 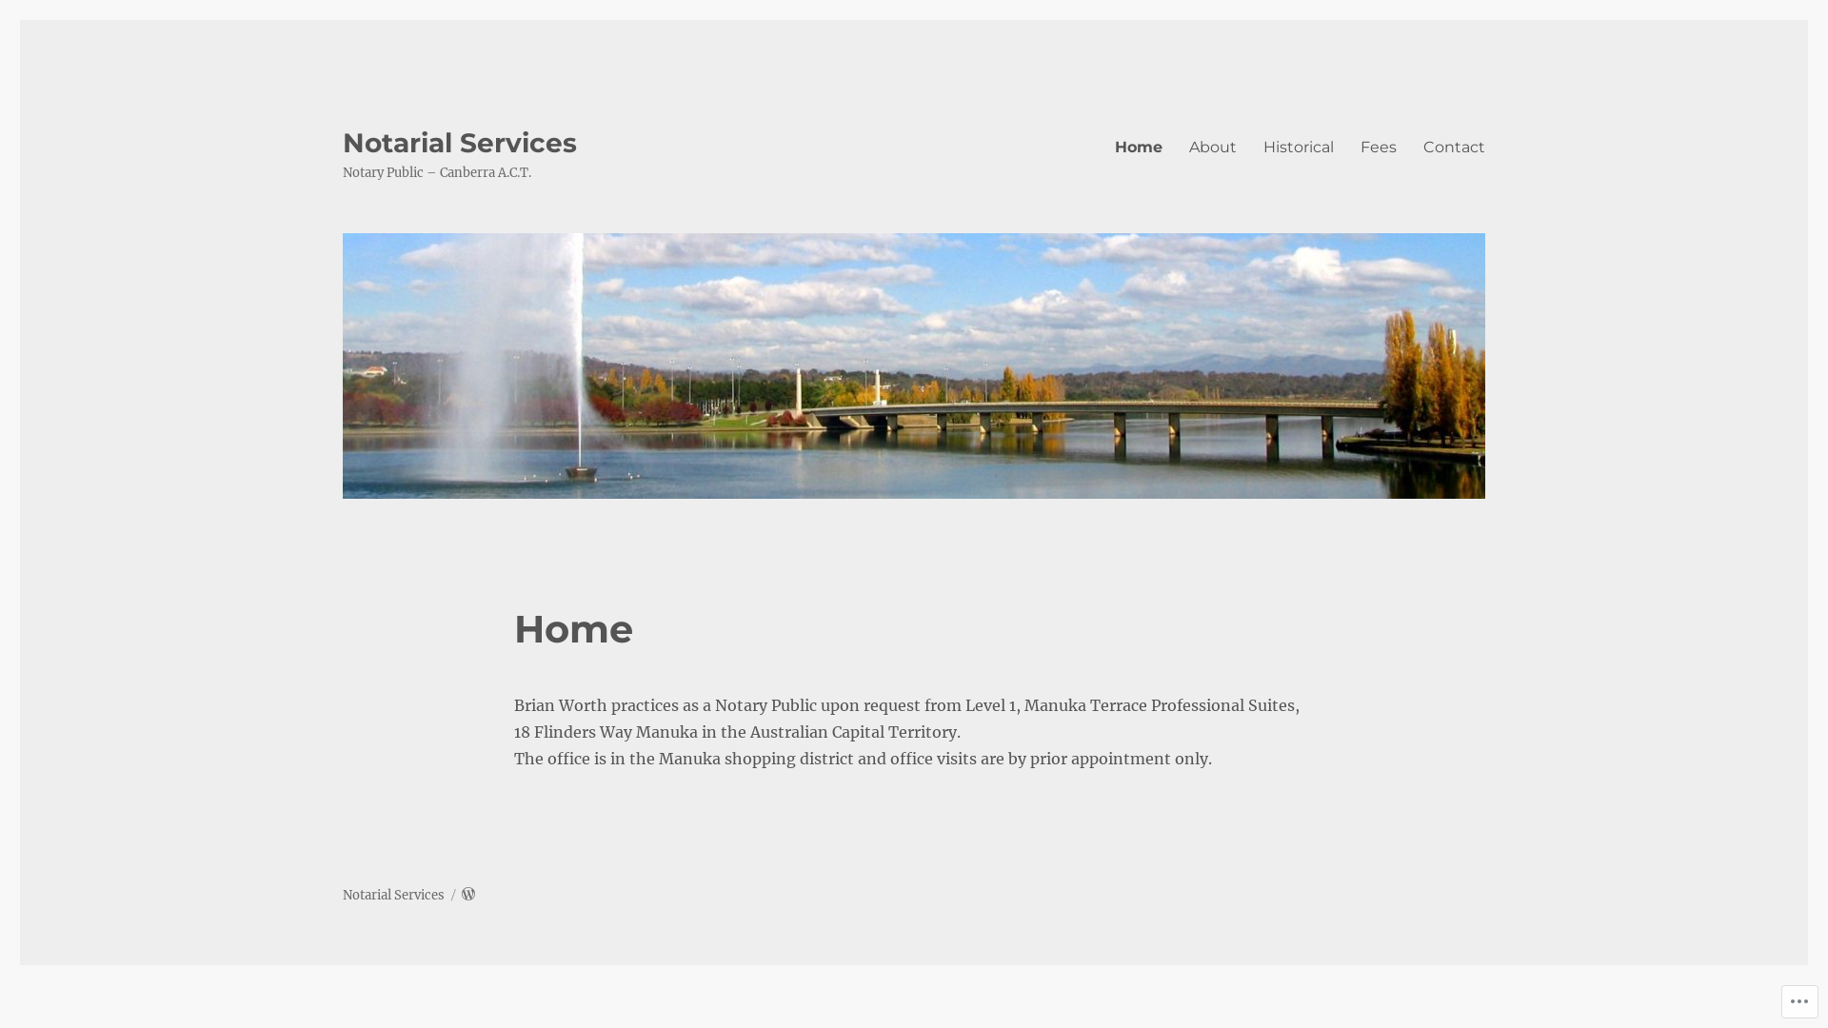 What do you see at coordinates (1138, 146) in the screenshot?
I see `'Home'` at bounding box center [1138, 146].